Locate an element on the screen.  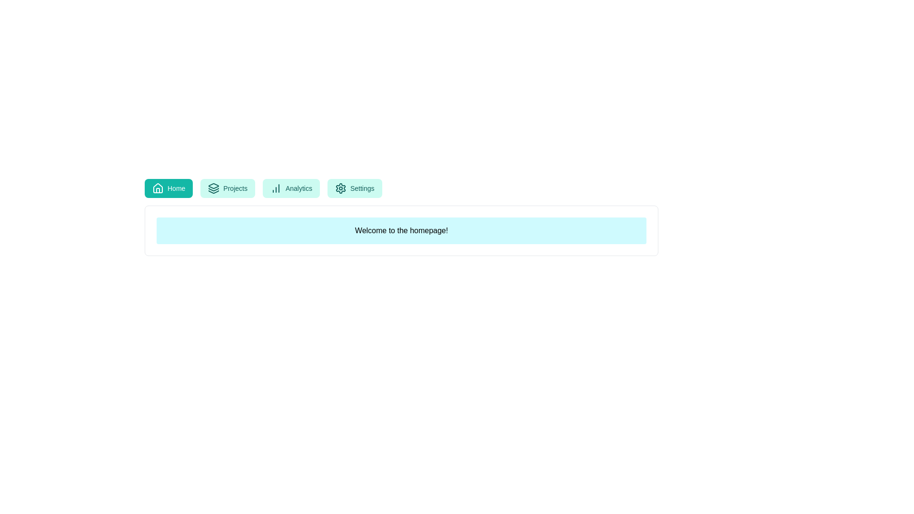
the Home tab to view its content is located at coordinates (169, 188).